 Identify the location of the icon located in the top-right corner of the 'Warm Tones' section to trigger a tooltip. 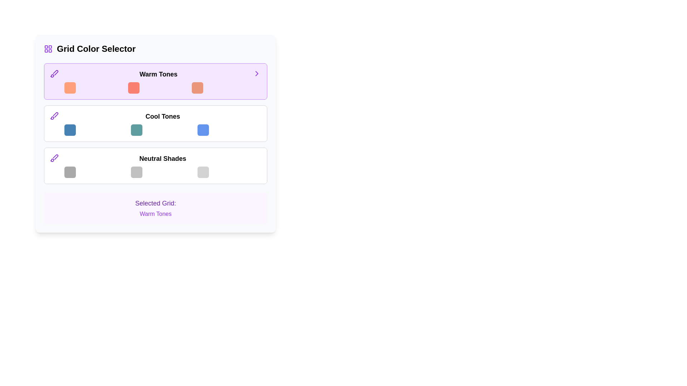
(257, 73).